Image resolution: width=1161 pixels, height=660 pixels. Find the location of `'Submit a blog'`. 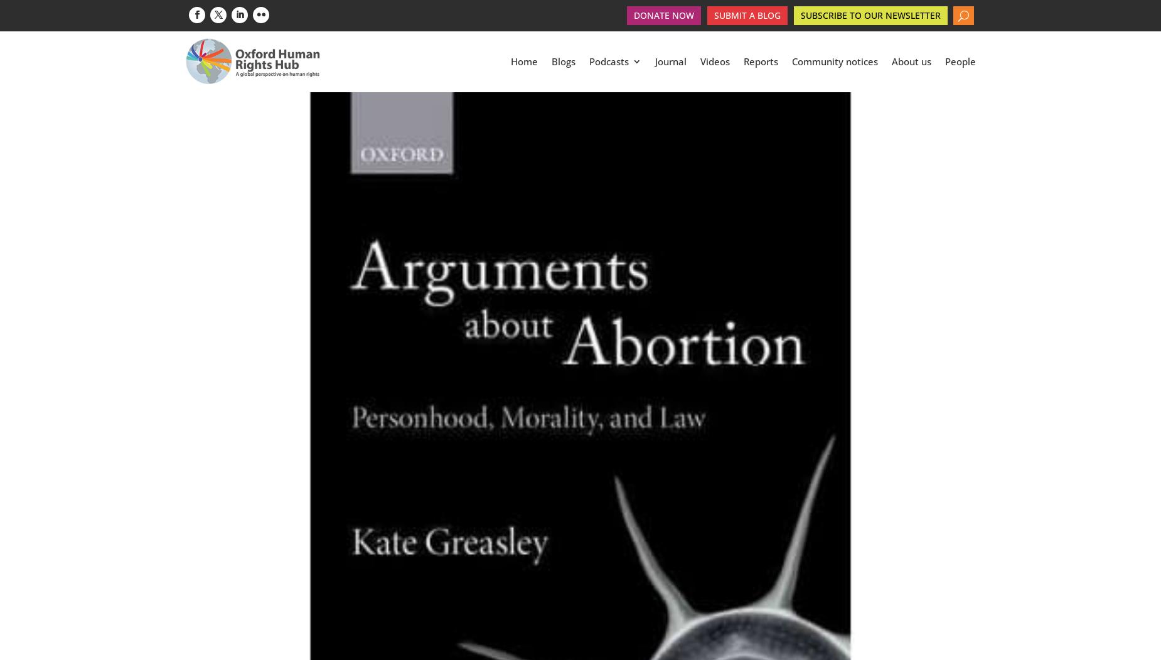

'Submit a blog' is located at coordinates (746, 15).